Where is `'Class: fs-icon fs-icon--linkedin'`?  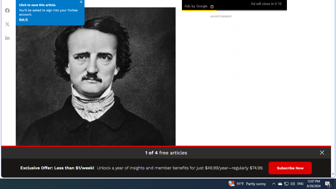
'Class: fs-icon fs-icon--linkedin' is located at coordinates (7, 37).